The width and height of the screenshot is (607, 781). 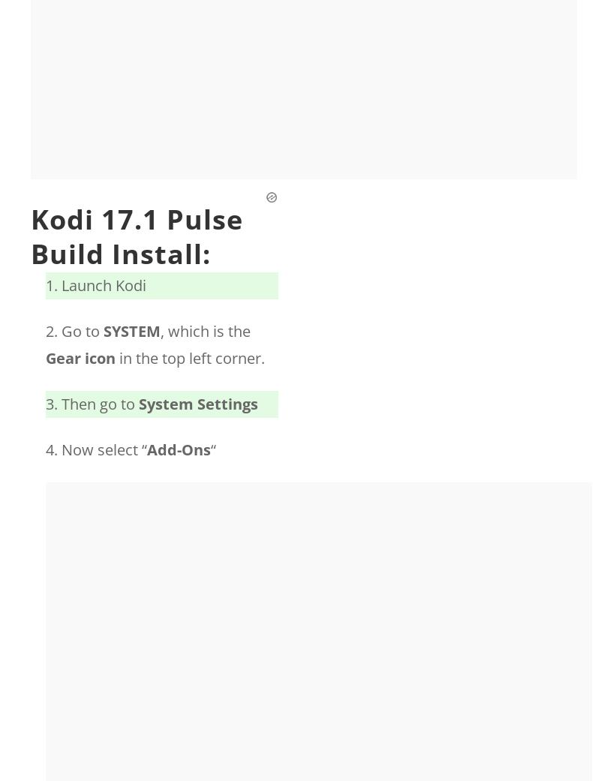 What do you see at coordinates (138, 404) in the screenshot?
I see `'System Settings'` at bounding box center [138, 404].